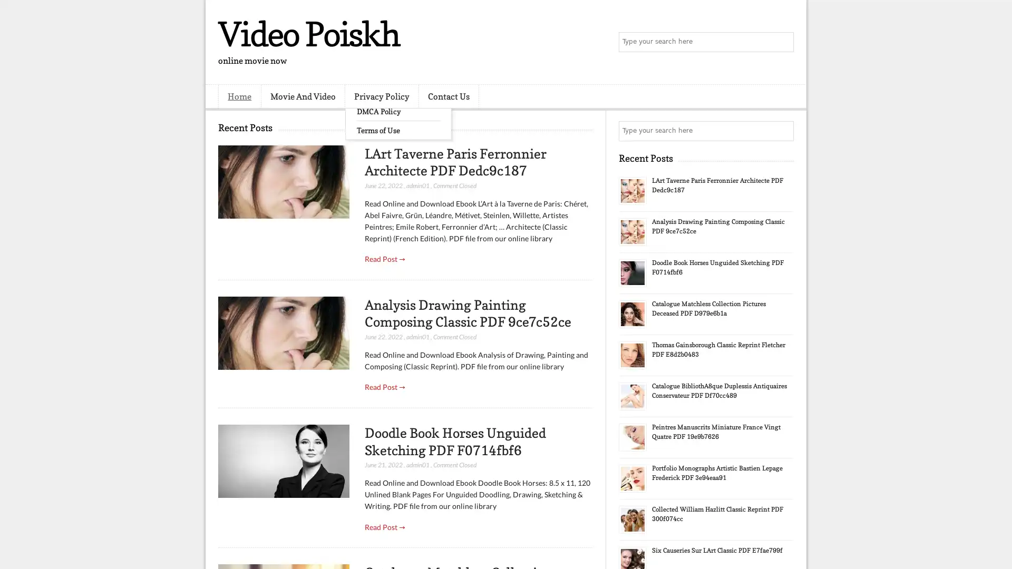 This screenshot has height=569, width=1012. Describe the element at coordinates (783, 131) in the screenshot. I see `Search` at that location.